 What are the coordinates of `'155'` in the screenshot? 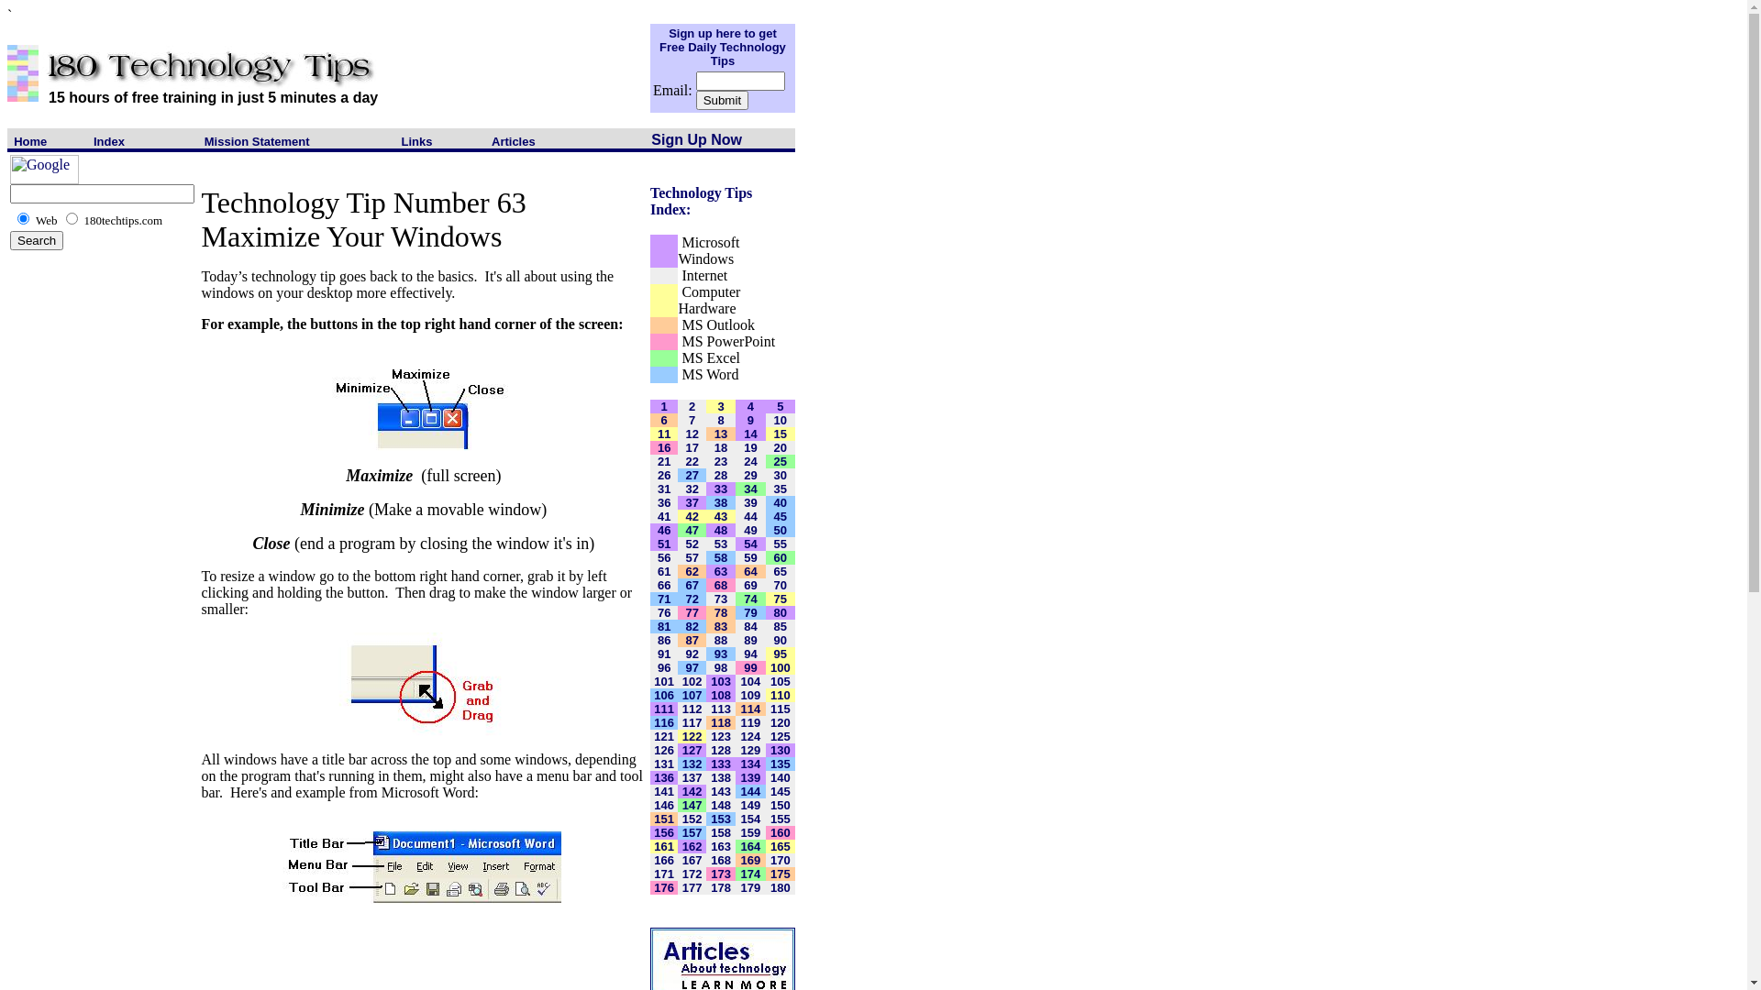 It's located at (780, 817).